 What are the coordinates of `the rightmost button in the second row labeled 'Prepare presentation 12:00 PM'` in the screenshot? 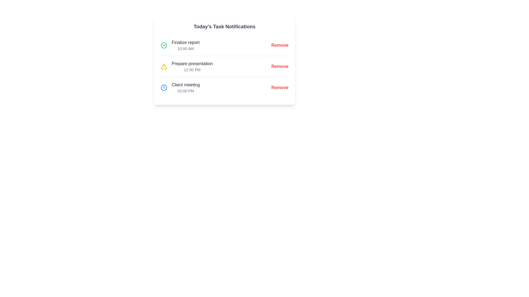 It's located at (280, 66).